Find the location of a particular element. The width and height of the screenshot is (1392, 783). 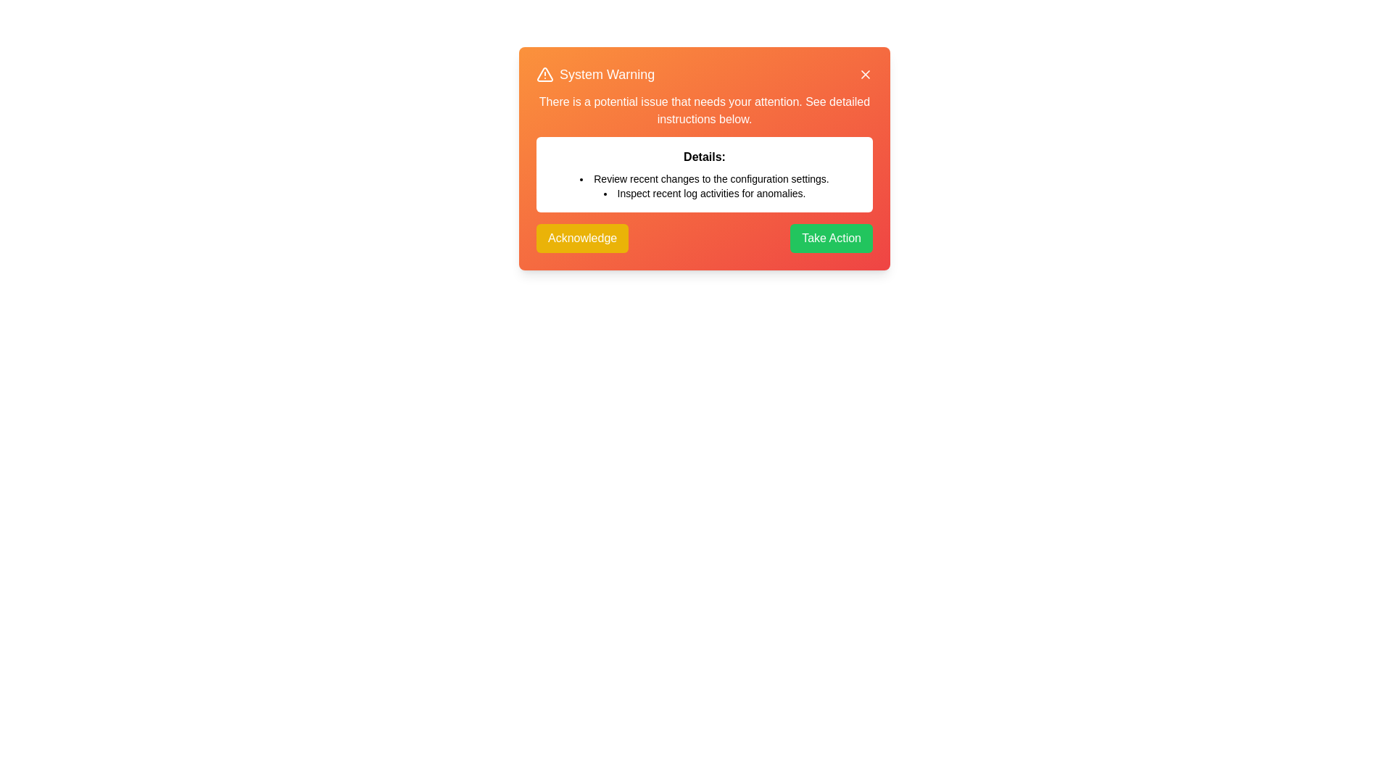

the triangular caution symbol with an orange background located at the upper left corner of the warning modal, adjacent to the 'System Warning' text is located at coordinates (544, 75).